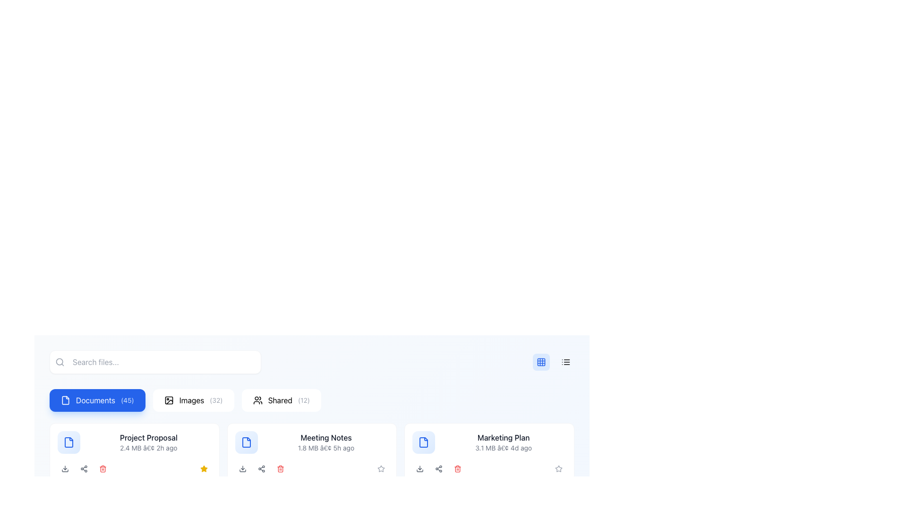  What do you see at coordinates (541, 362) in the screenshot?
I see `the grid layout icon button located at the top-right corner of the interface to switch layout` at bounding box center [541, 362].